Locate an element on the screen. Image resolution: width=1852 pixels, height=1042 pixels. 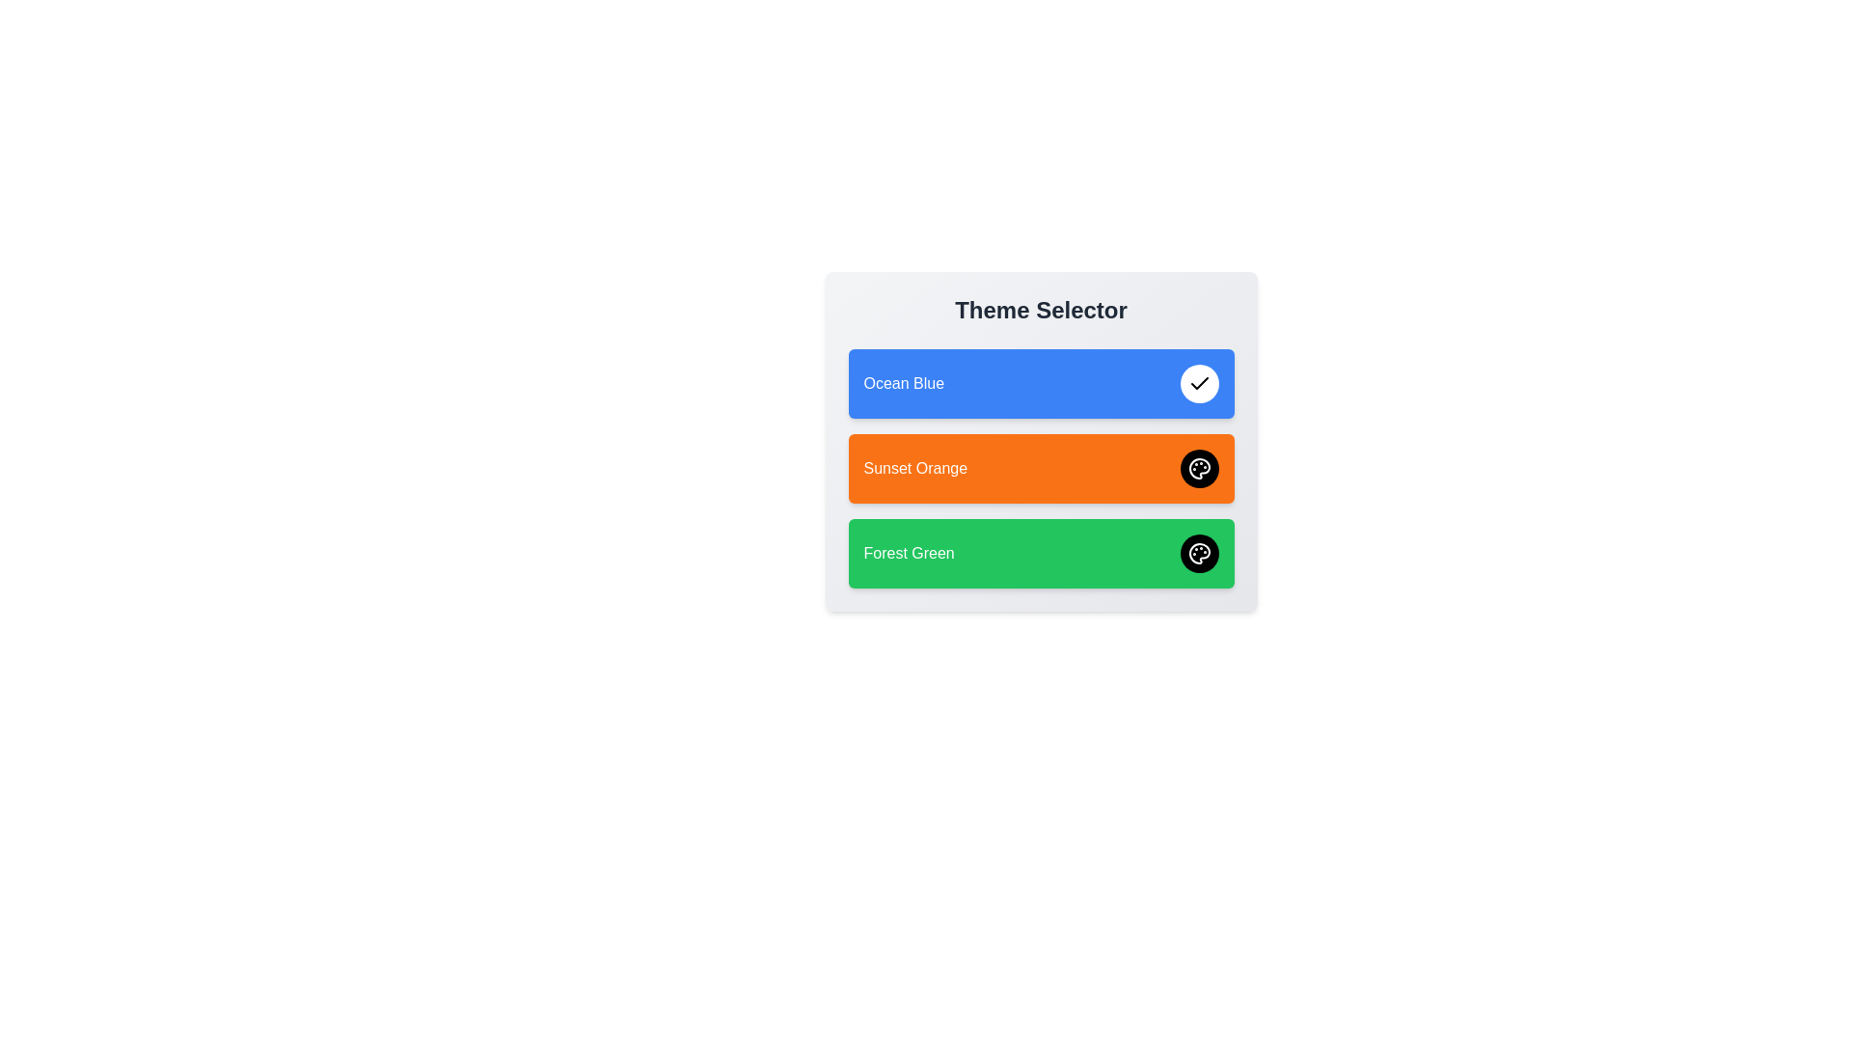
the theme Forest Green to inspect its visual representation is located at coordinates (1040, 554).